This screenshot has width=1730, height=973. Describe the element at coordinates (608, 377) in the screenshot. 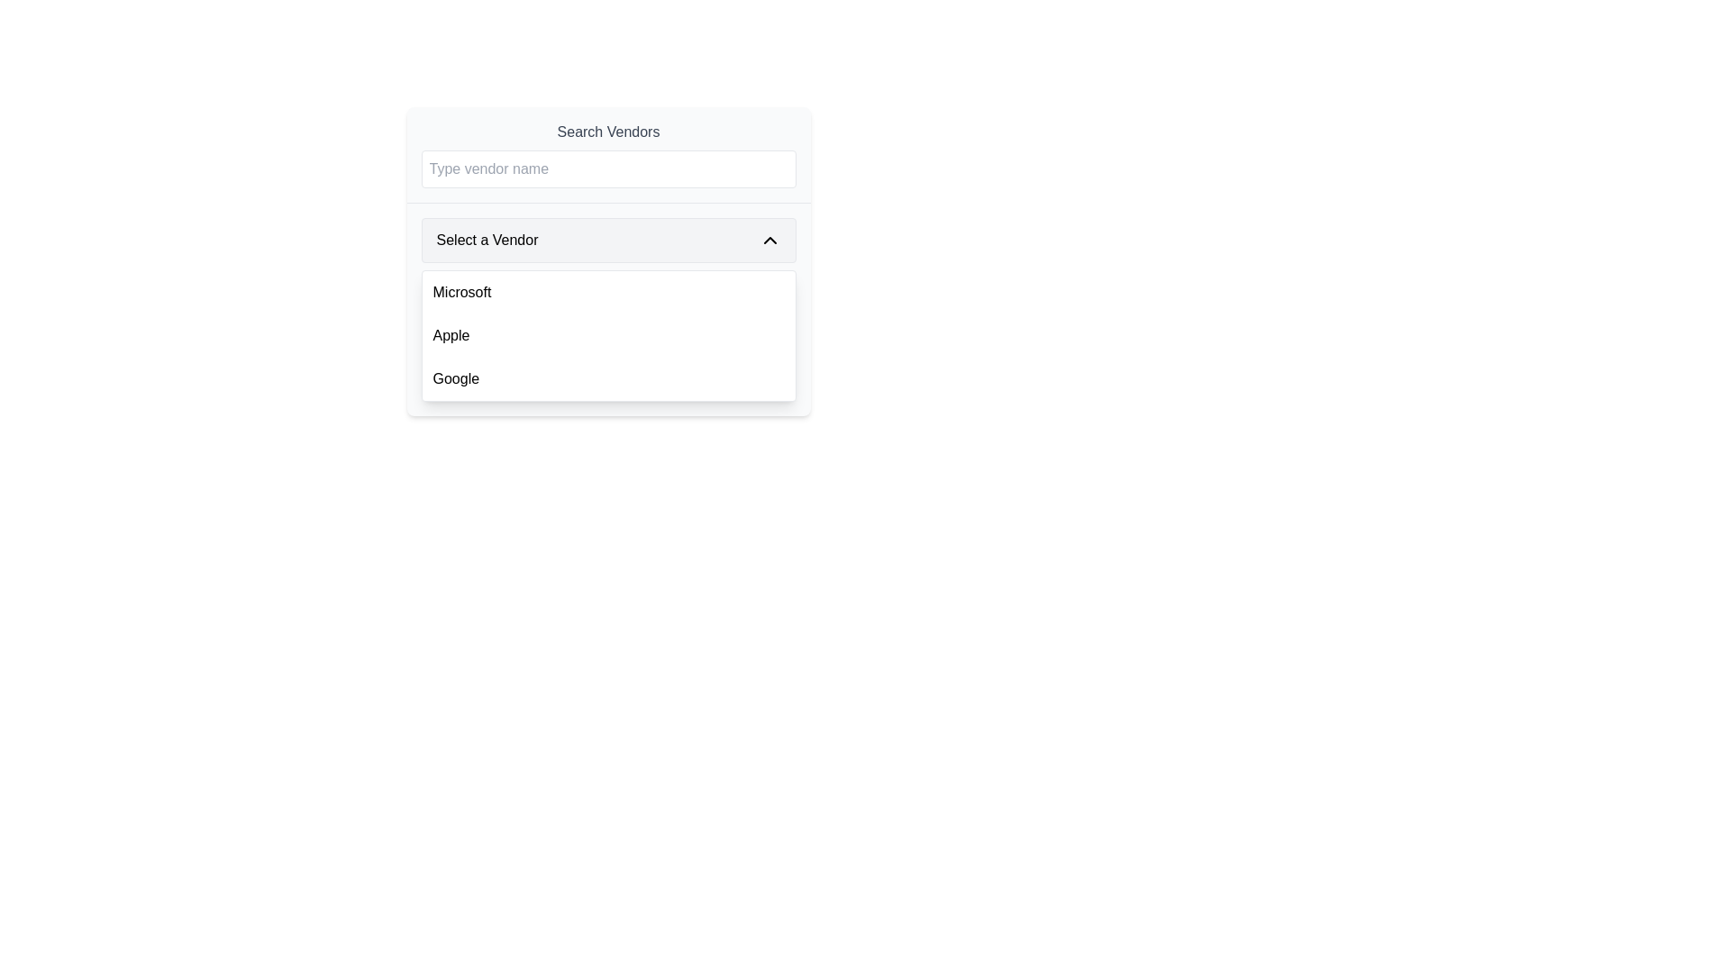

I see `the third selectable list item labeled 'Google' in the vertical list of options` at that location.